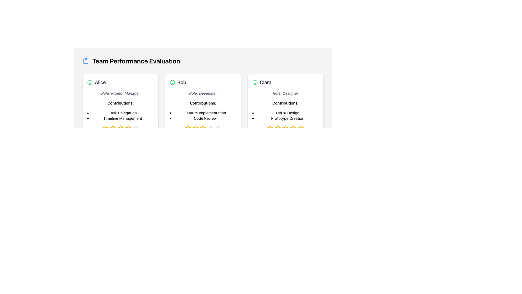 This screenshot has width=522, height=294. Describe the element at coordinates (120, 93) in the screenshot. I see `the text label in italics, styled with a smaller font size and gray color, located beneath the name 'Alice' and above 'Contributions:' in the middle of the first card` at that location.